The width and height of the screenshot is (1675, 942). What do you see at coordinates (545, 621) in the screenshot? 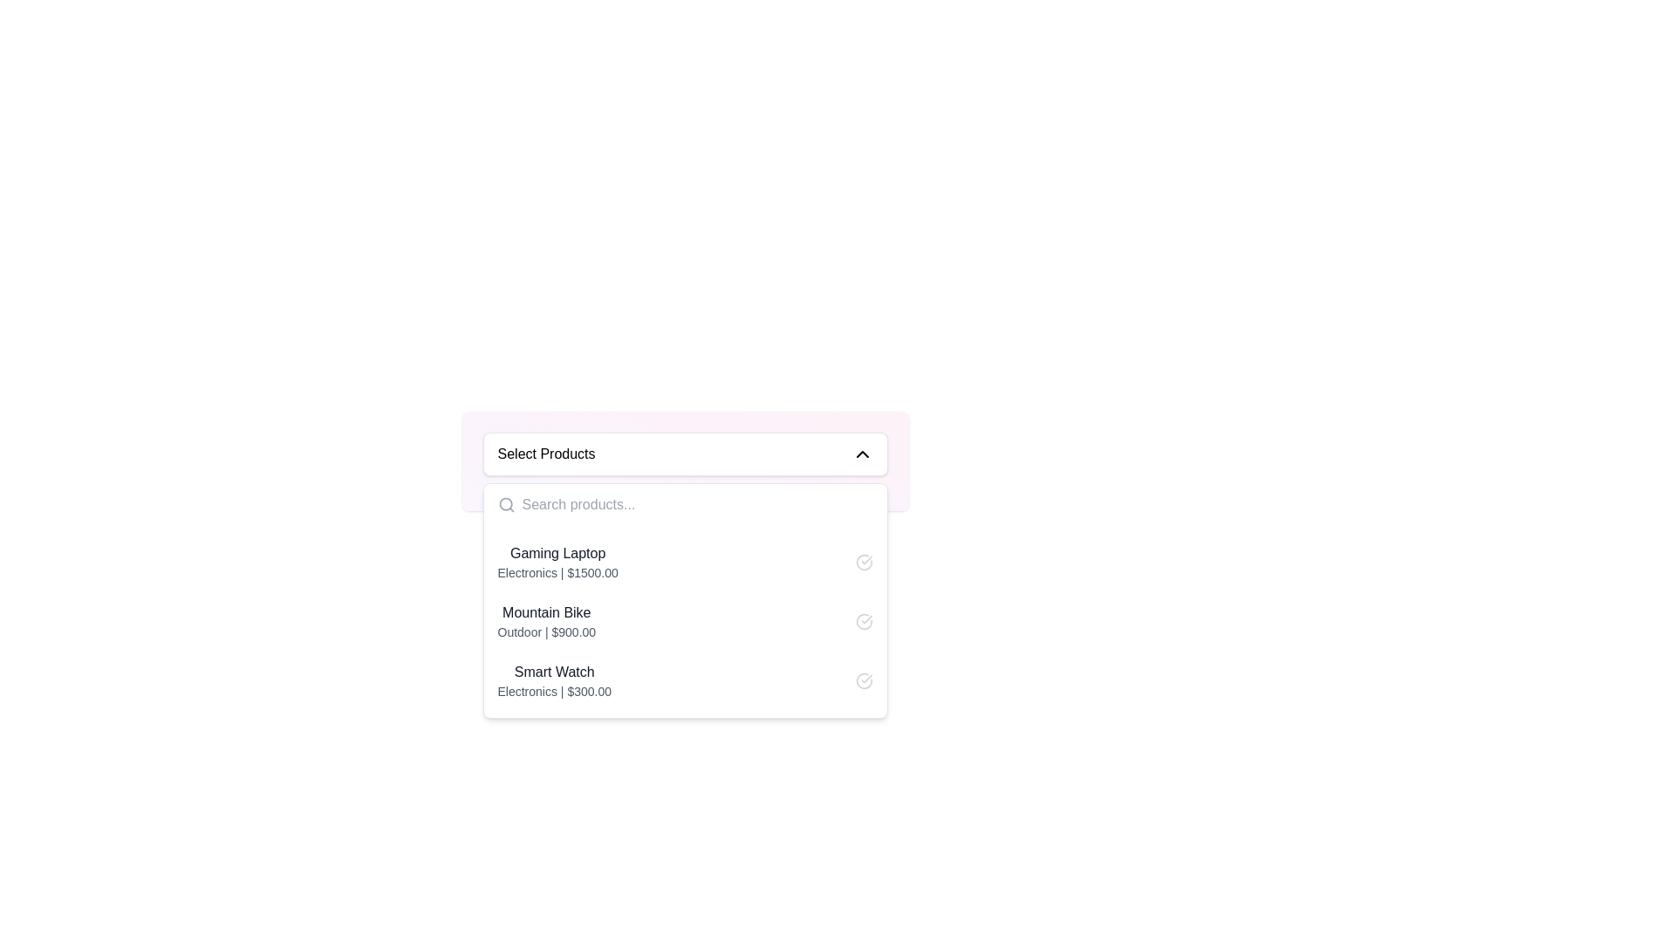
I see `the second item` at bounding box center [545, 621].